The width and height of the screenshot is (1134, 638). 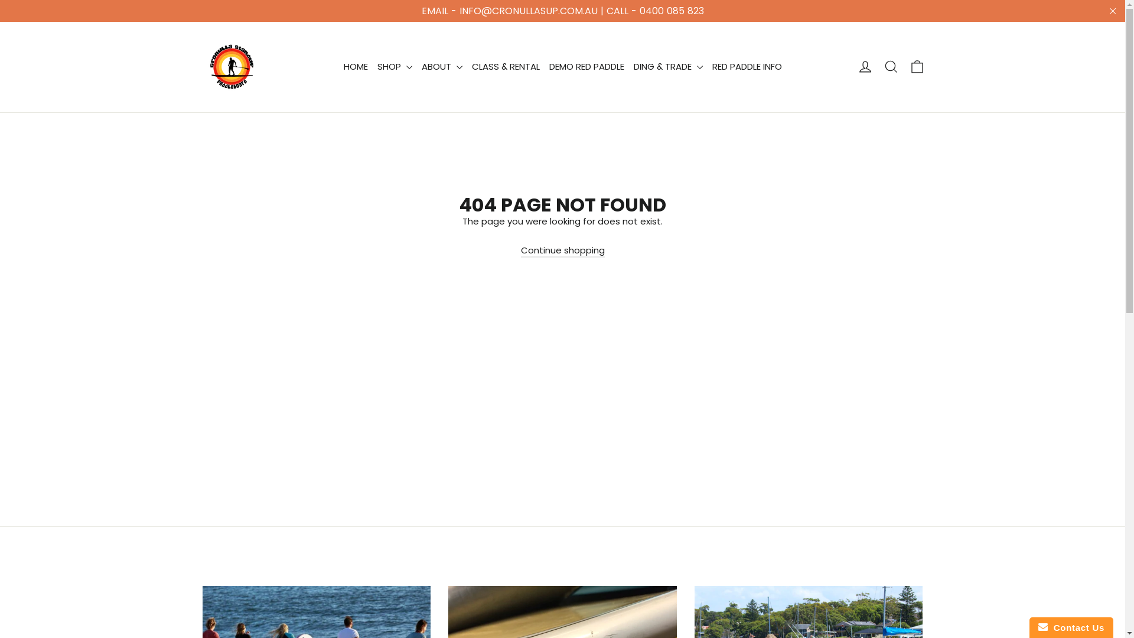 I want to click on 'Log in', so click(x=865, y=66).